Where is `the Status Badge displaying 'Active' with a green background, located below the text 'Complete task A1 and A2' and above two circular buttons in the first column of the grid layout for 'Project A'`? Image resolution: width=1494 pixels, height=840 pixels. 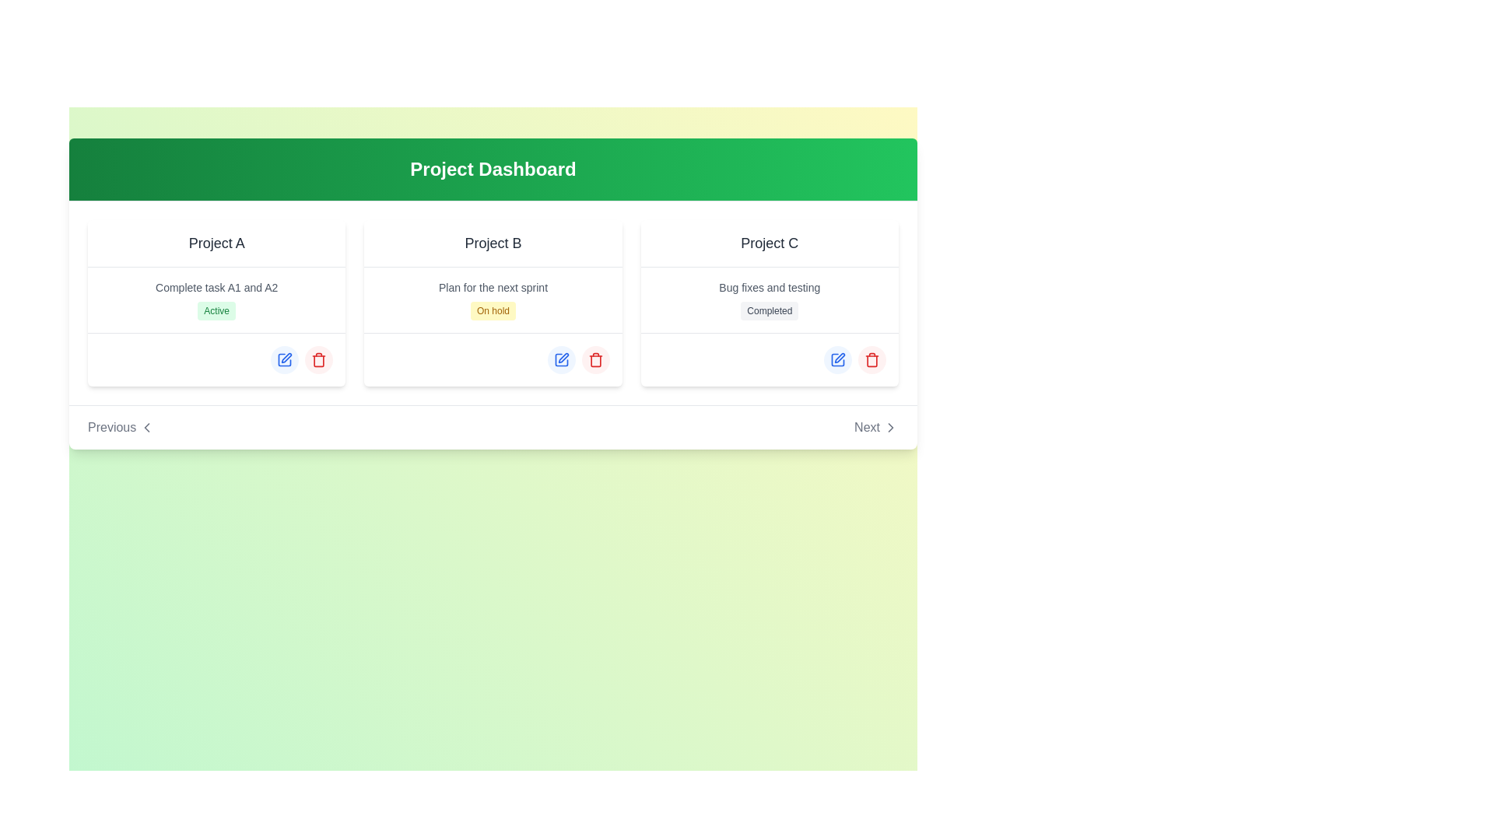 the Status Badge displaying 'Active' with a green background, located below the text 'Complete task A1 and A2' and above two circular buttons in the first column of the grid layout for 'Project A' is located at coordinates (216, 303).